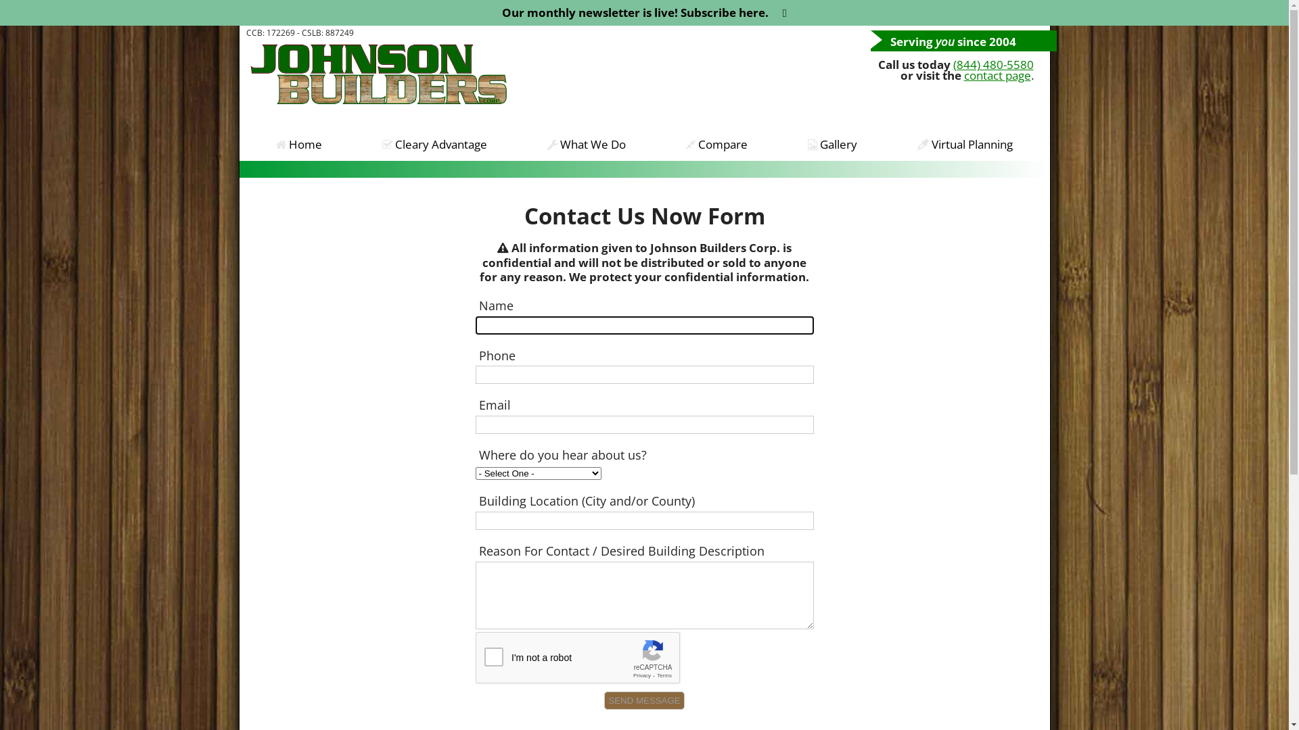 This screenshot has height=730, width=1299. I want to click on 'contact page', so click(997, 75).